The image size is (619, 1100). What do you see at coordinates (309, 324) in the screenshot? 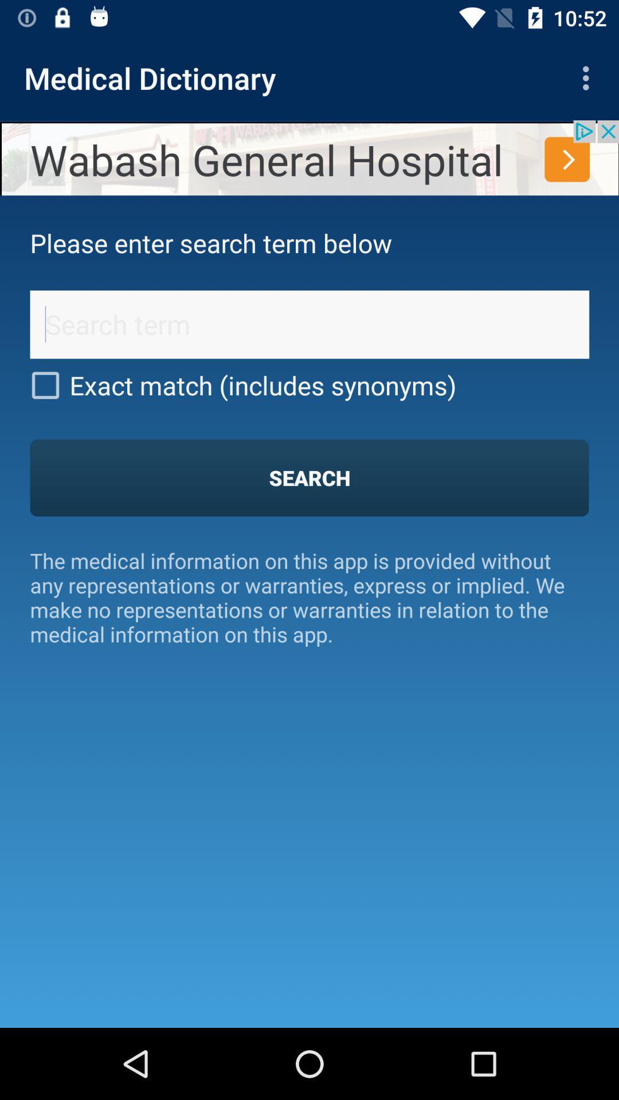
I see `type search term` at bounding box center [309, 324].